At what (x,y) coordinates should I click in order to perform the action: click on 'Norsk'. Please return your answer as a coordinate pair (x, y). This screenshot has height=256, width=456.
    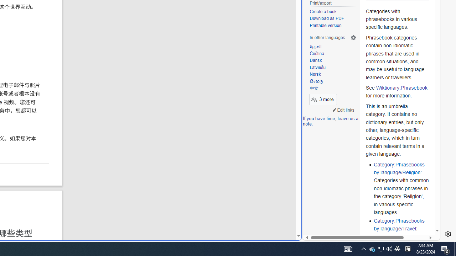
    Looking at the image, I should click on (333, 75).